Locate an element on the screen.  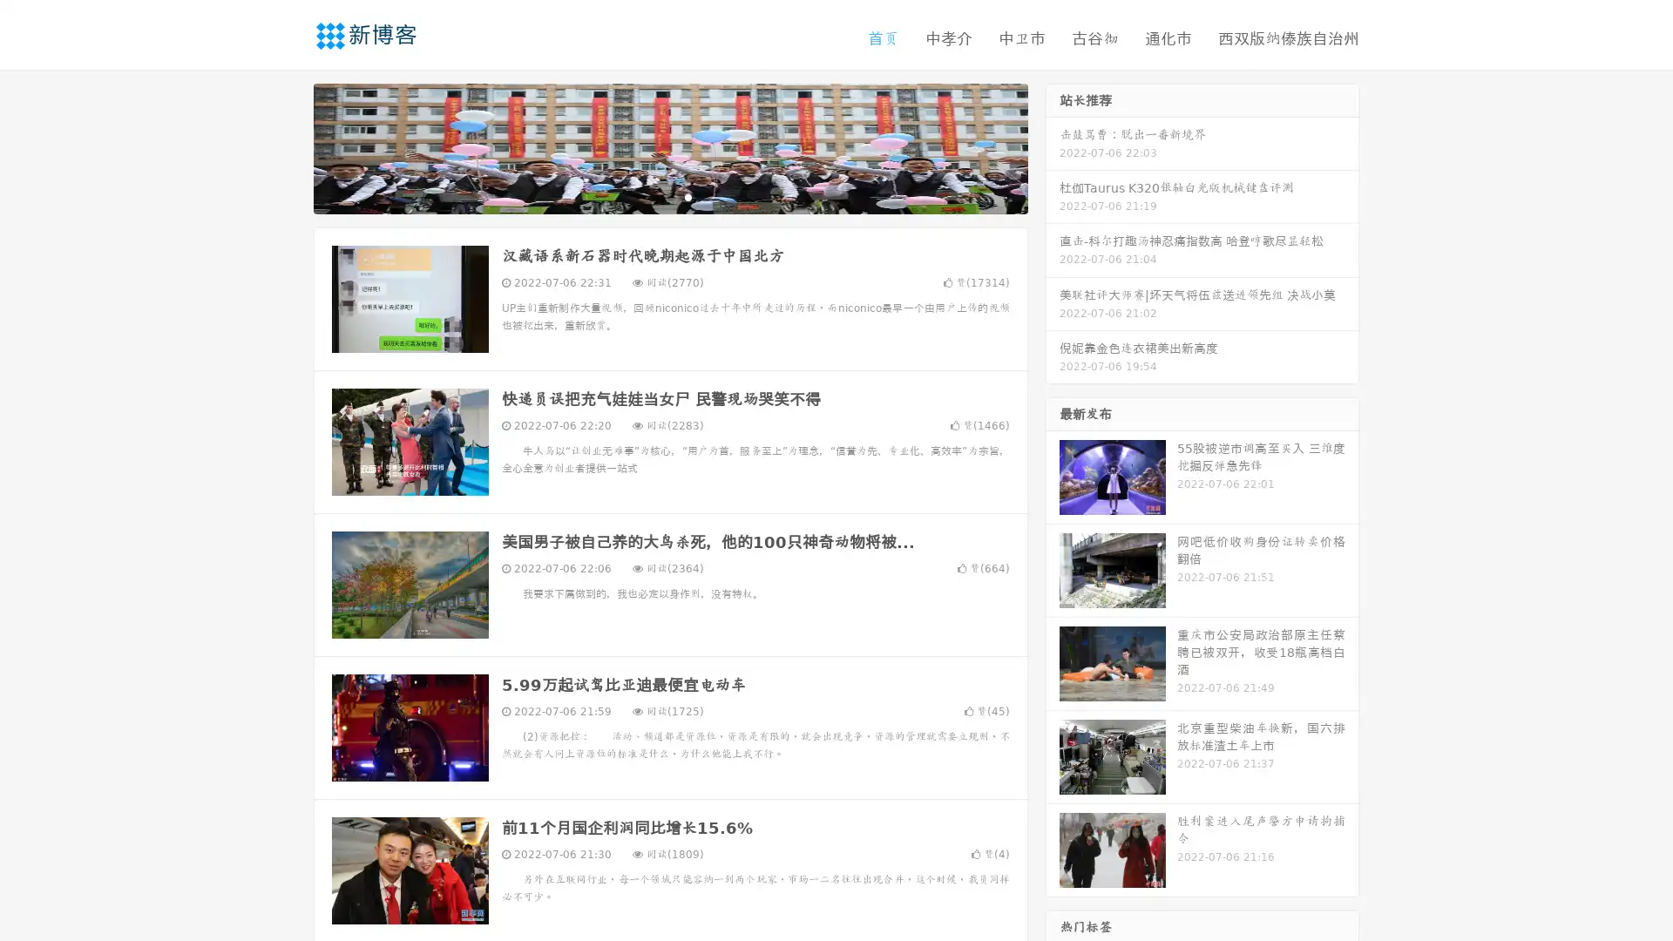
Next slide is located at coordinates (1053, 146).